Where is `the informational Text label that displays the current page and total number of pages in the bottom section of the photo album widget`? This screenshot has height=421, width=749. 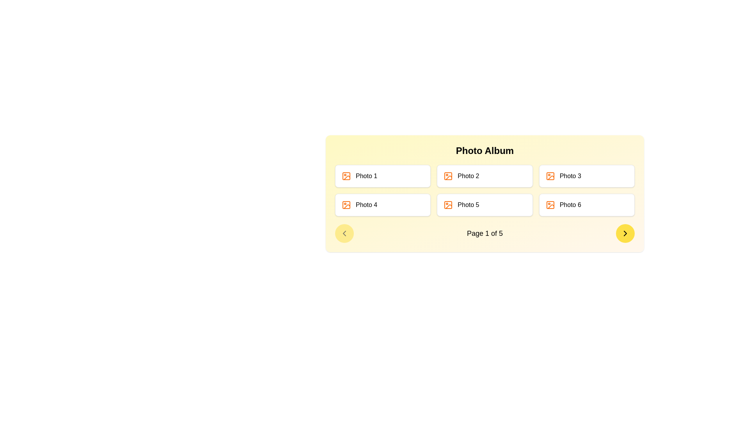
the informational Text label that displays the current page and total number of pages in the bottom section of the photo album widget is located at coordinates (485, 233).